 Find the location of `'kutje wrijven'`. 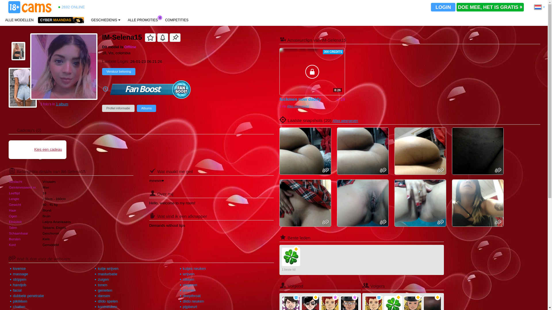

'kutje wrijven' is located at coordinates (108, 268).